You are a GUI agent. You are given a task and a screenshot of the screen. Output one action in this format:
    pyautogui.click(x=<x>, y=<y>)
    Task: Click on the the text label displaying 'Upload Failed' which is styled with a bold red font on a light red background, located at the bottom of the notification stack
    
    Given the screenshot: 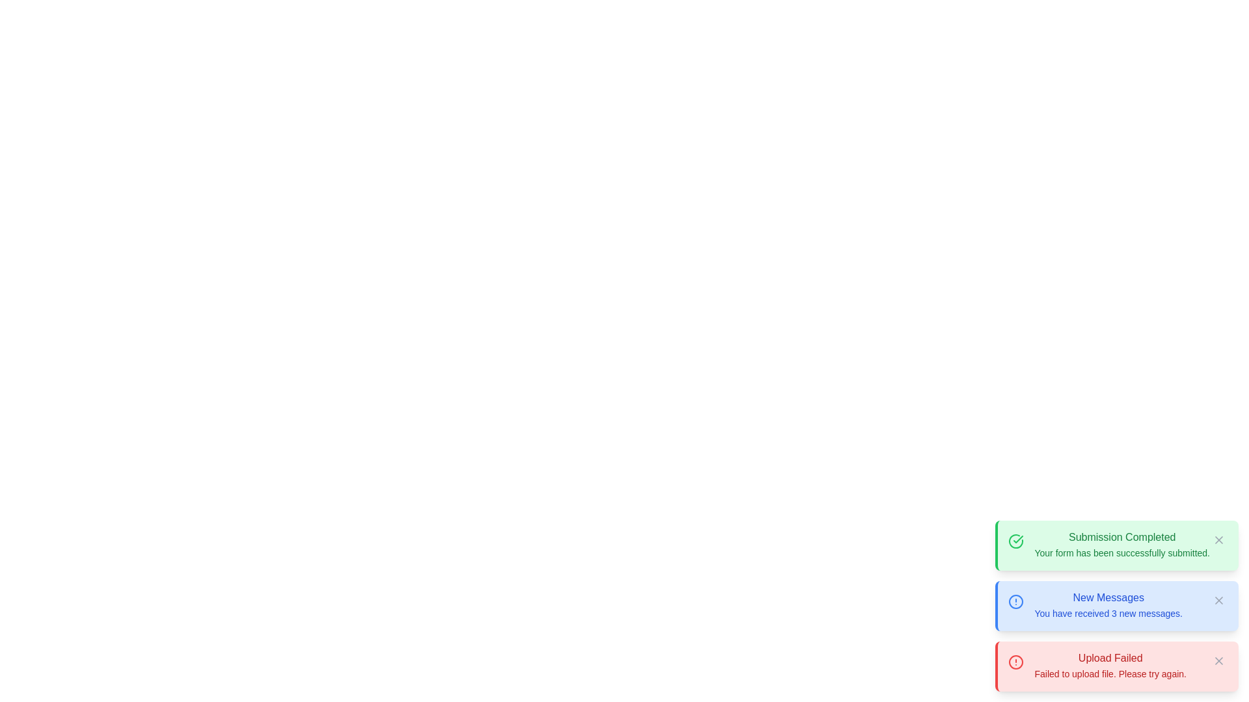 What is the action you would take?
    pyautogui.click(x=1110, y=658)
    